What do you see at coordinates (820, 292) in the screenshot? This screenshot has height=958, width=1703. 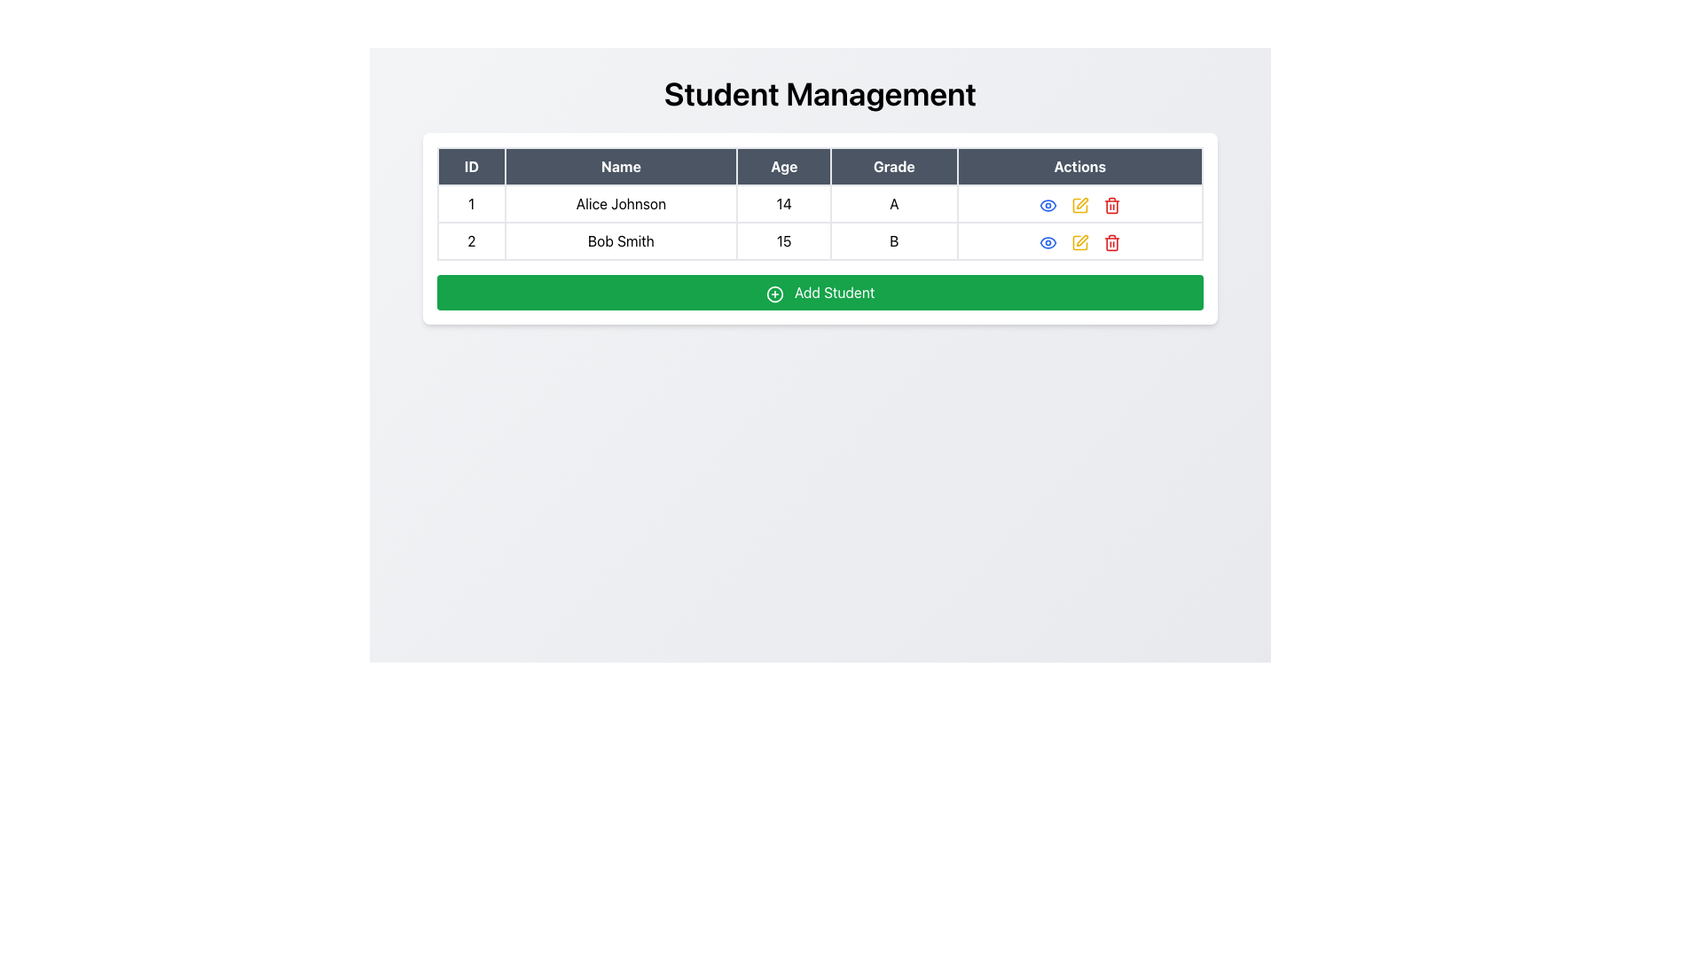 I see `the button located below the table of students` at bounding box center [820, 292].